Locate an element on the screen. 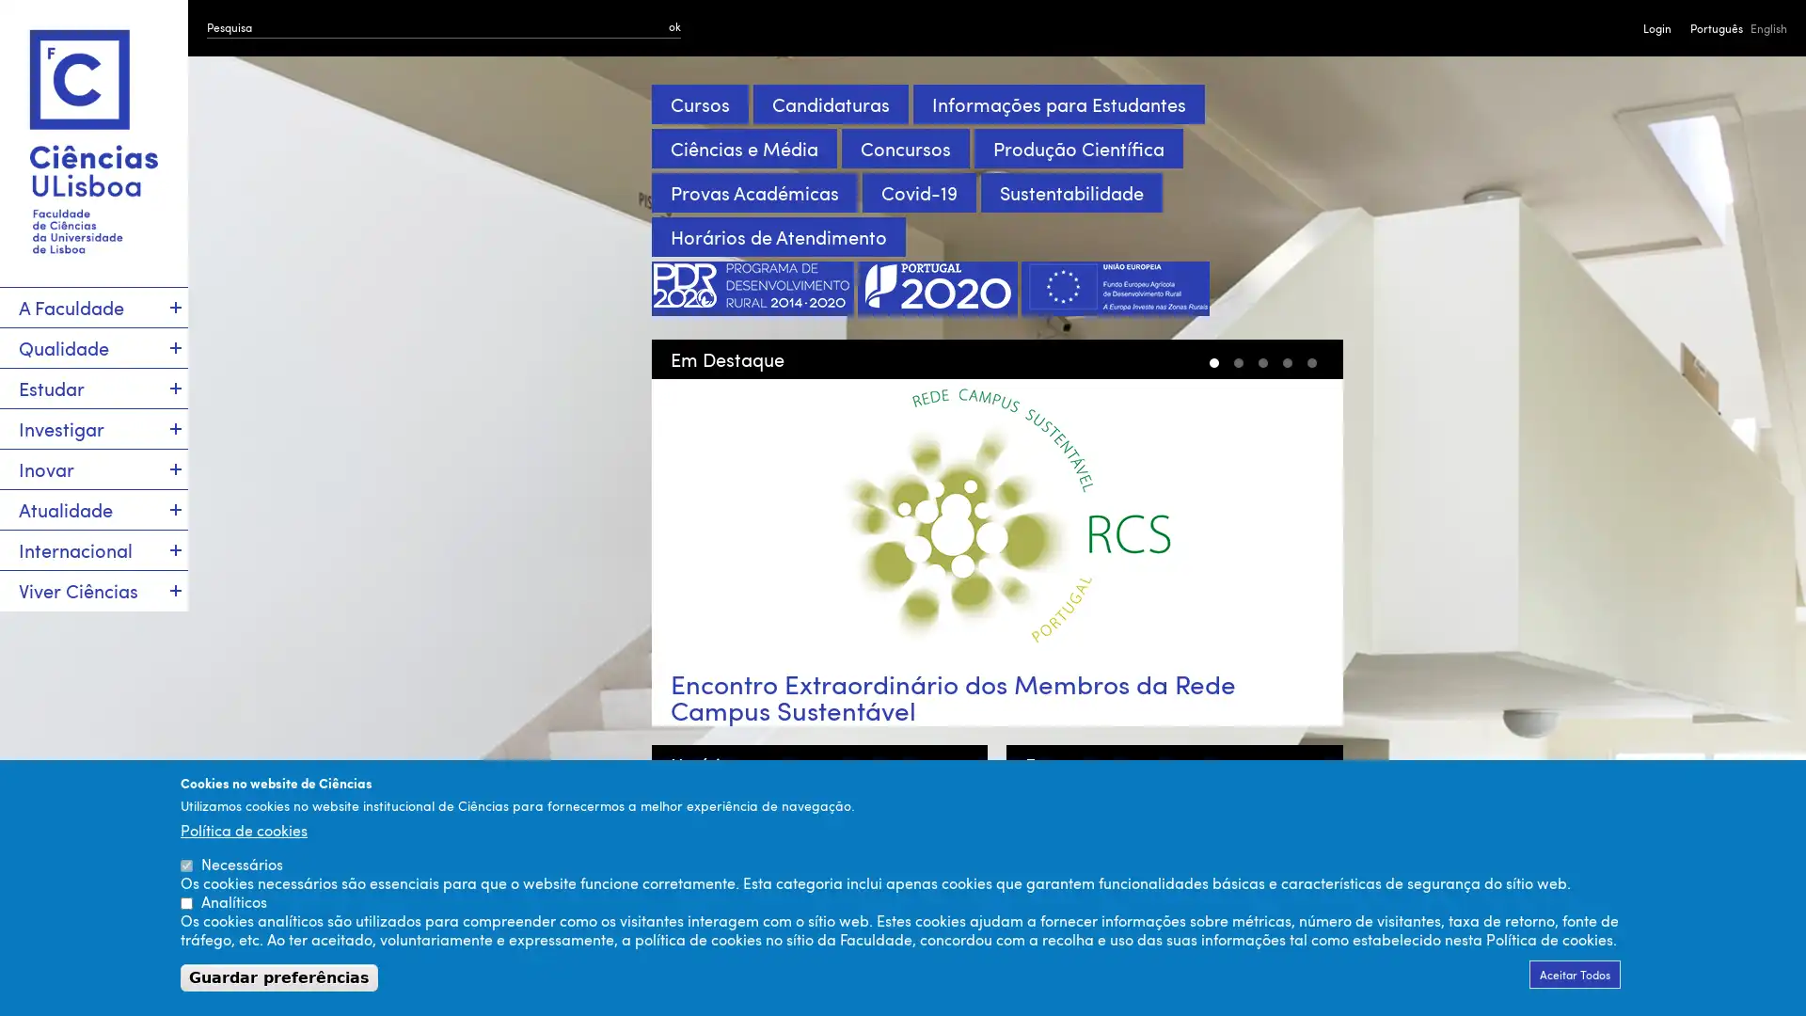  Aceitar Todos is located at coordinates (1575, 974).